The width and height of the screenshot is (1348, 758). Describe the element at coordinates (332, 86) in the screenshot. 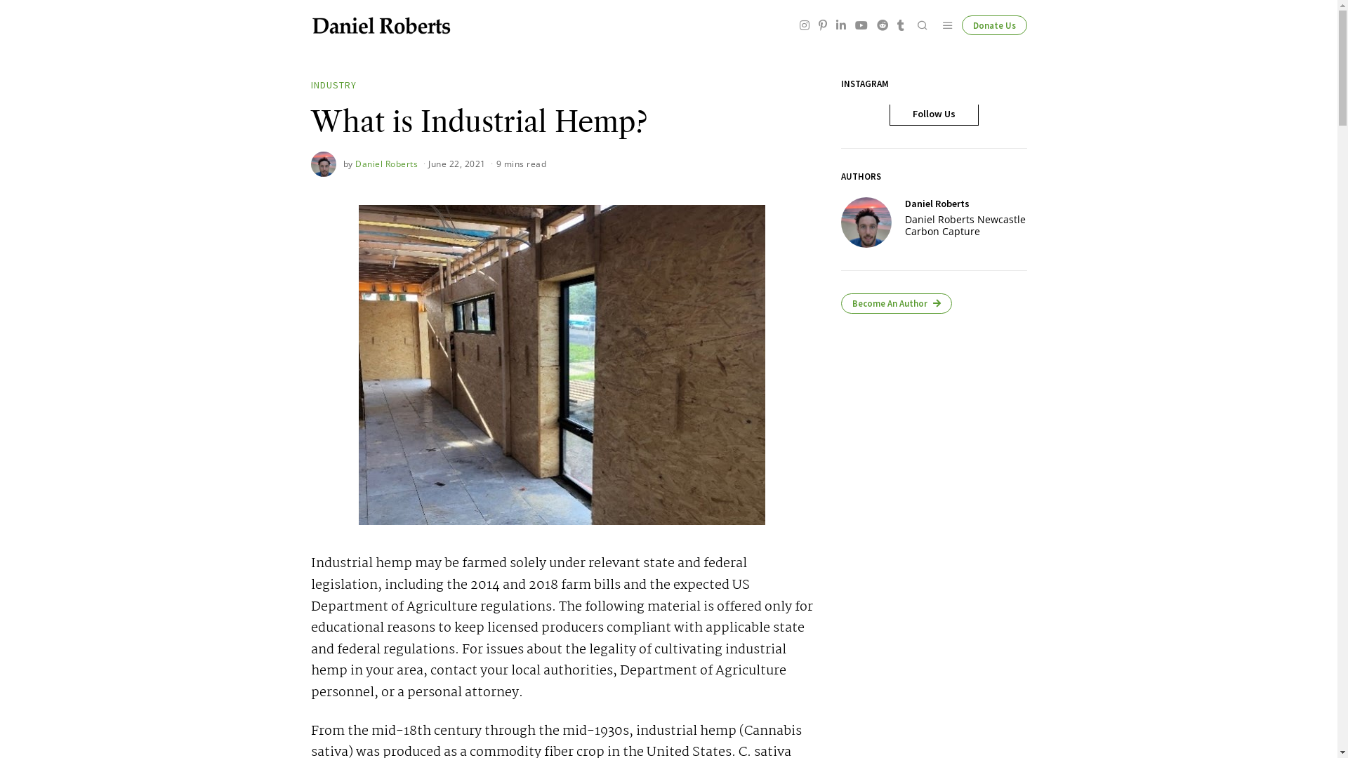

I see `'INDUSTRY'` at that location.